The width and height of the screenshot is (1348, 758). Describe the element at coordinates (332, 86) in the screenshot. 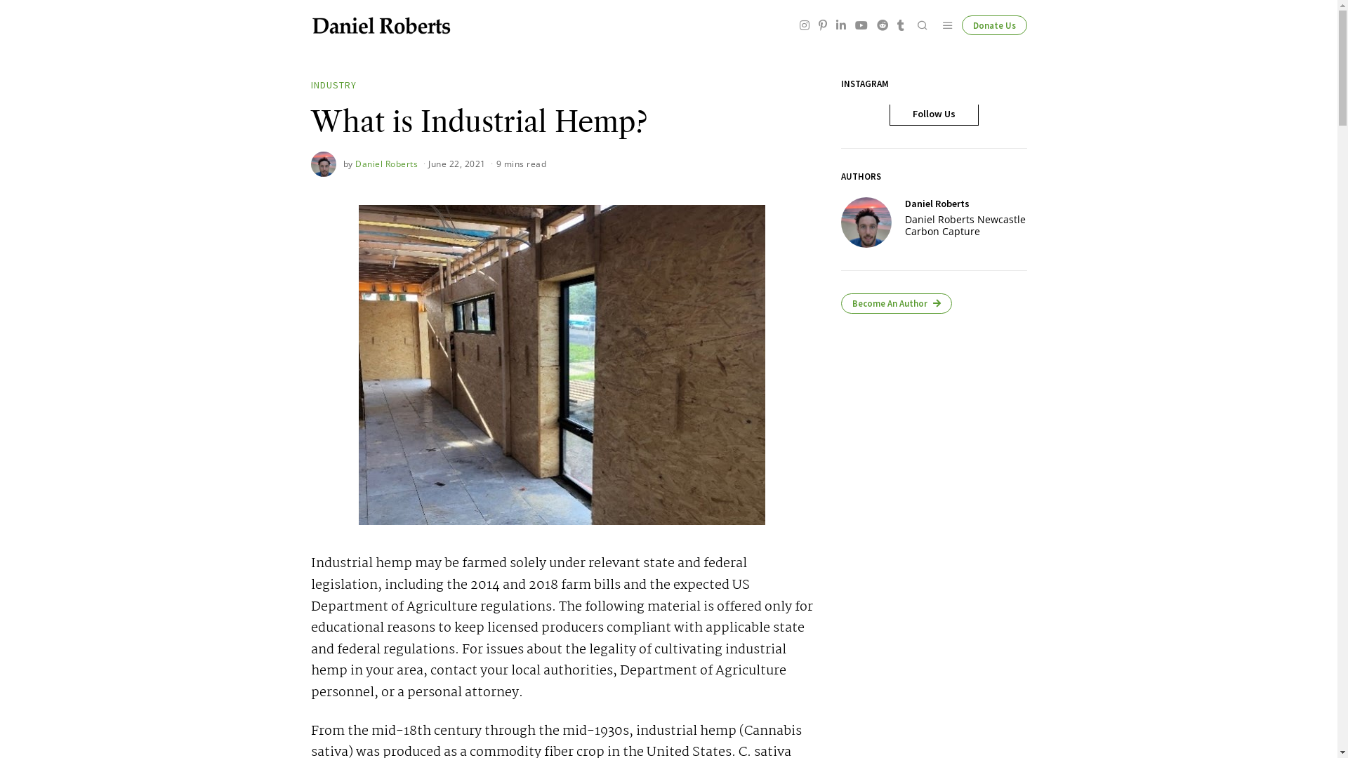

I see `'INDUSTRY'` at that location.